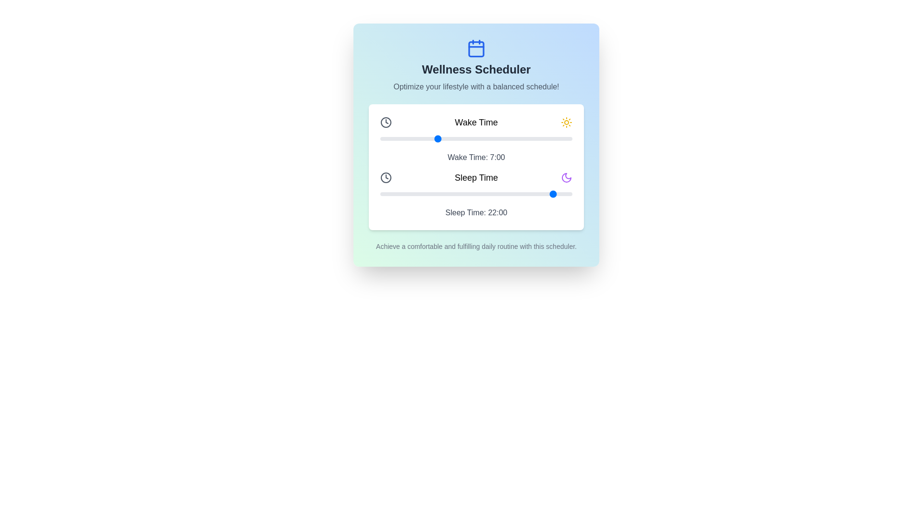 The image size is (922, 519). What do you see at coordinates (556, 194) in the screenshot?
I see `the time` at bounding box center [556, 194].